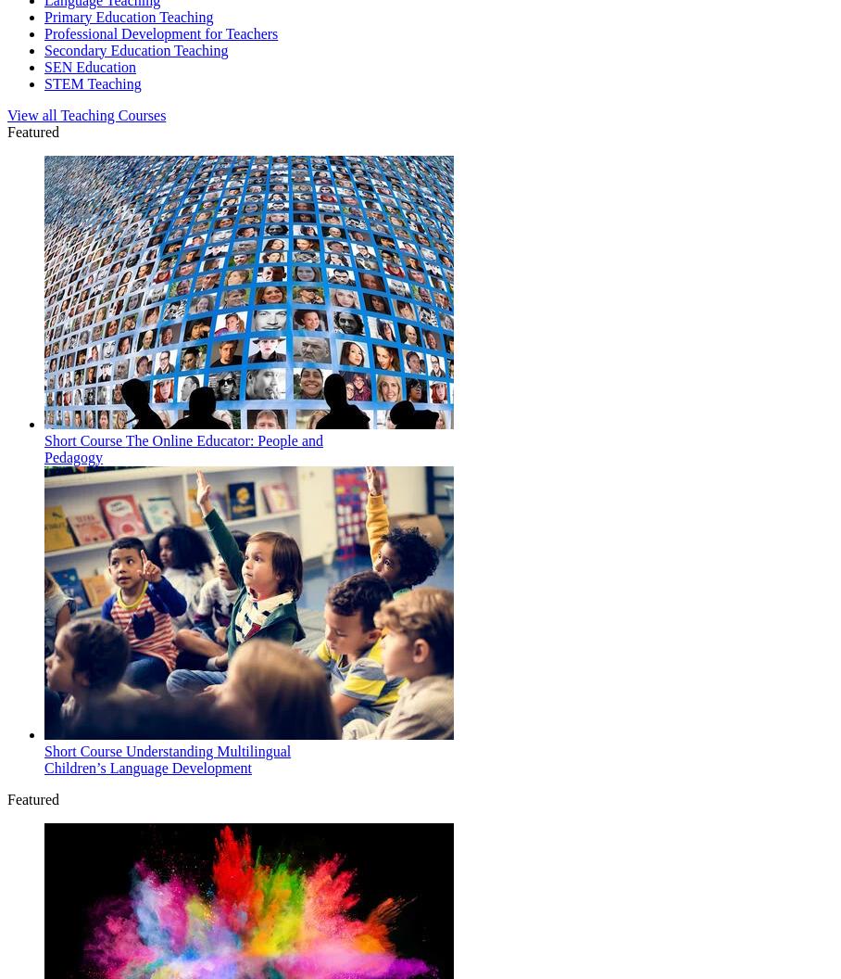 Image resolution: width=841 pixels, height=979 pixels. Describe the element at coordinates (44, 49) in the screenshot. I see `'Secondary Education Teaching'` at that location.